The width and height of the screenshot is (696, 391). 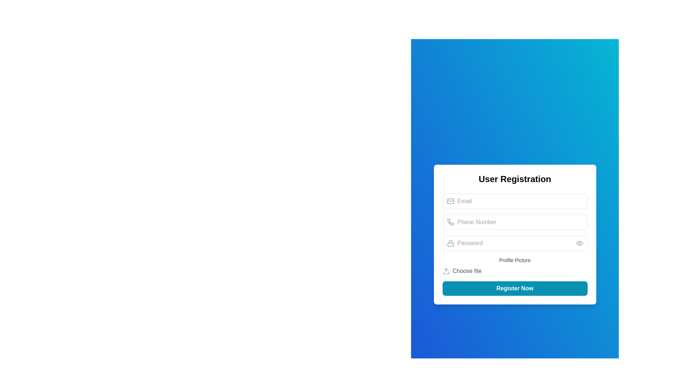 I want to click on the Password input field to focus on it, which is the third field in a vertical list of input fields within the form, so click(x=514, y=243).